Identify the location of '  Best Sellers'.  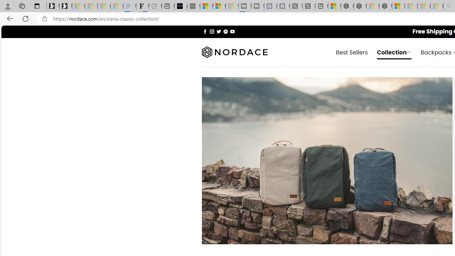
(352, 52).